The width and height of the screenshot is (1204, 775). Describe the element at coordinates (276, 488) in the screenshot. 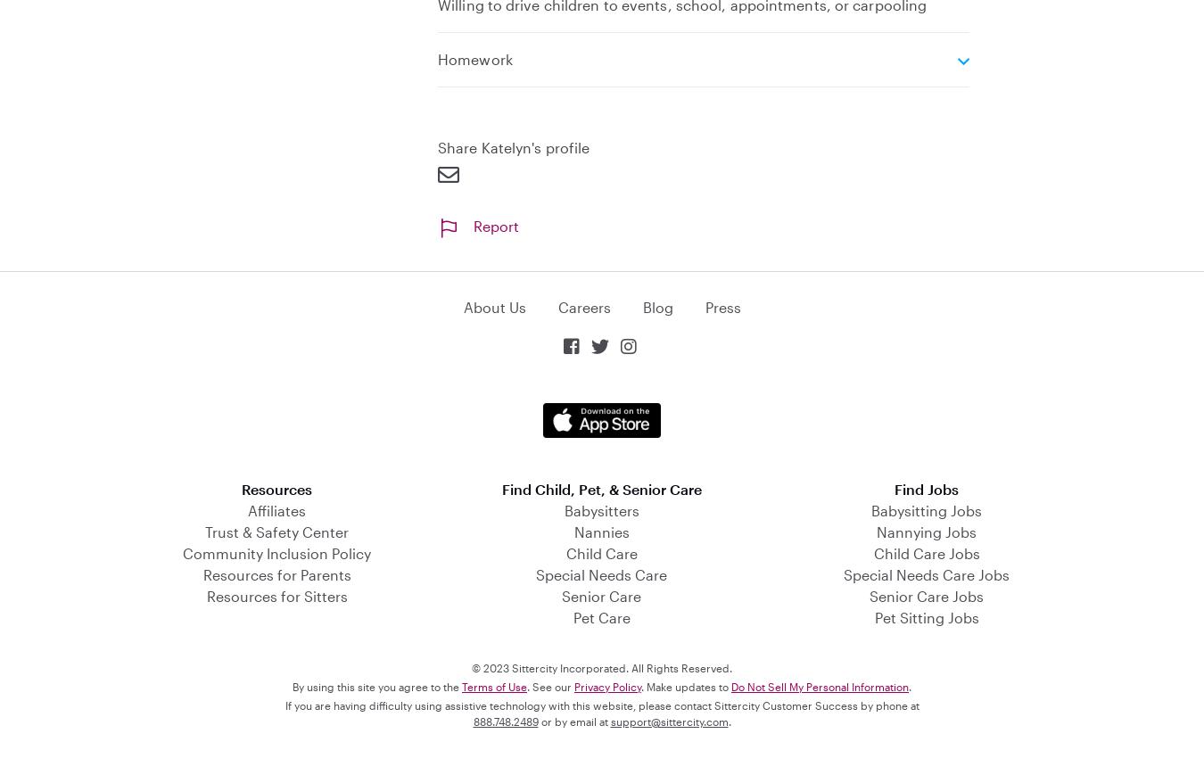

I see `'Resources'` at that location.